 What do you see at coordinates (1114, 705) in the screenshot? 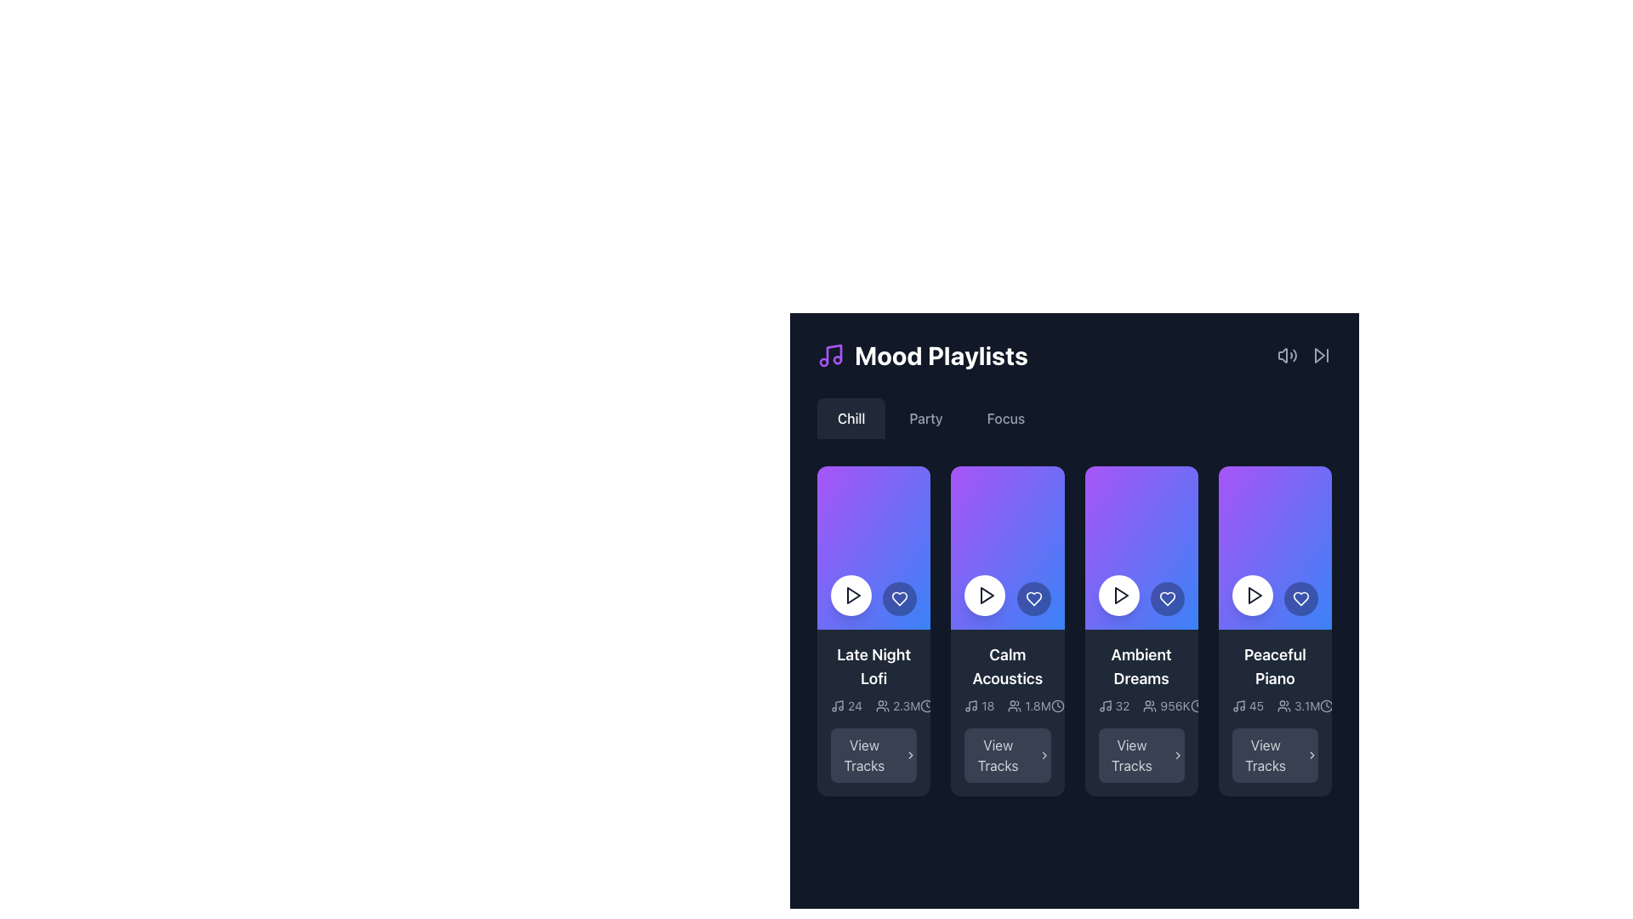
I see `the text with a music note icon and the number '32' located in the lower section of the third card from the left in a horizontally arranged list of cards` at bounding box center [1114, 705].